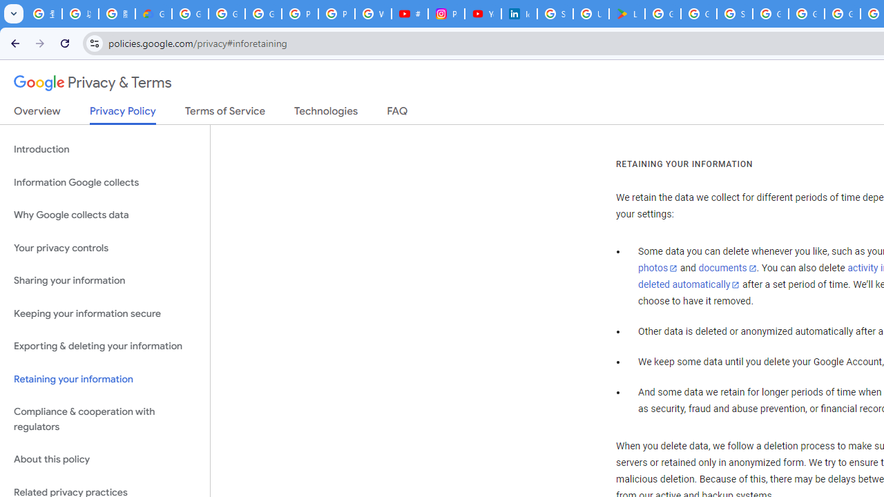  Describe the element at coordinates (626, 14) in the screenshot. I see `'Last Shelter: Survival - Apps on Google Play'` at that location.